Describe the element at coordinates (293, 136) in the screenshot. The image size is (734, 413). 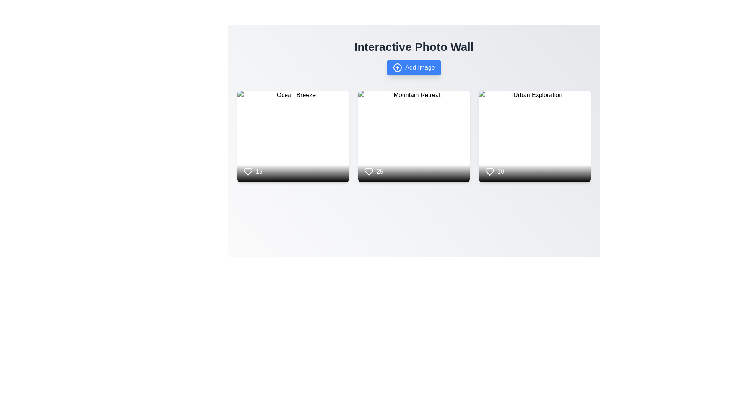
I see `the 'Ocean Breeze' card, which is the leftmost card in a grid layout` at that location.